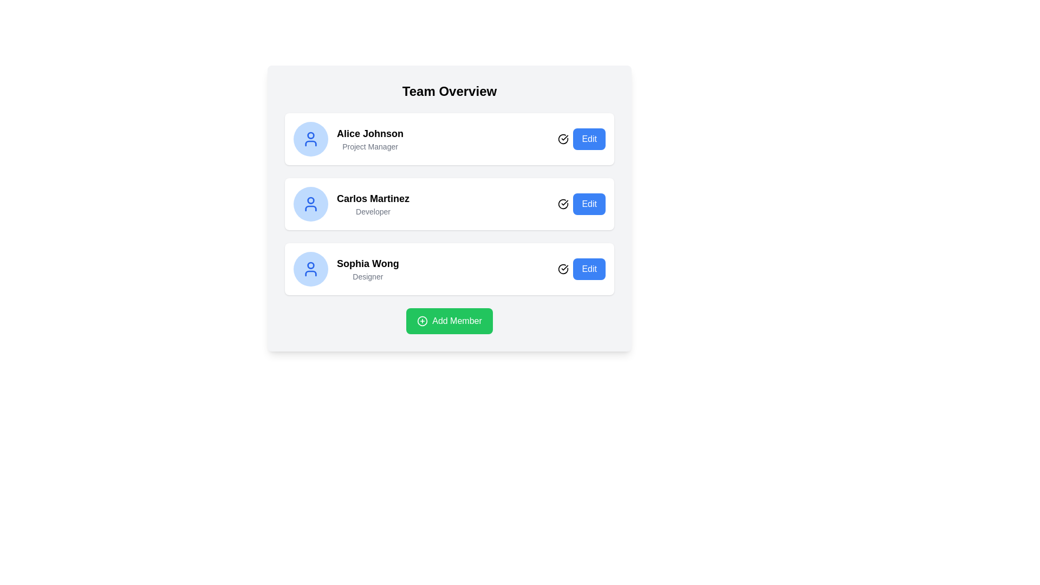 This screenshot has height=585, width=1040. I want to click on the red circular decorative element within the blue user profile icon adjacent to 'Carlos Martinez' and his role 'Developer.', so click(310, 200).